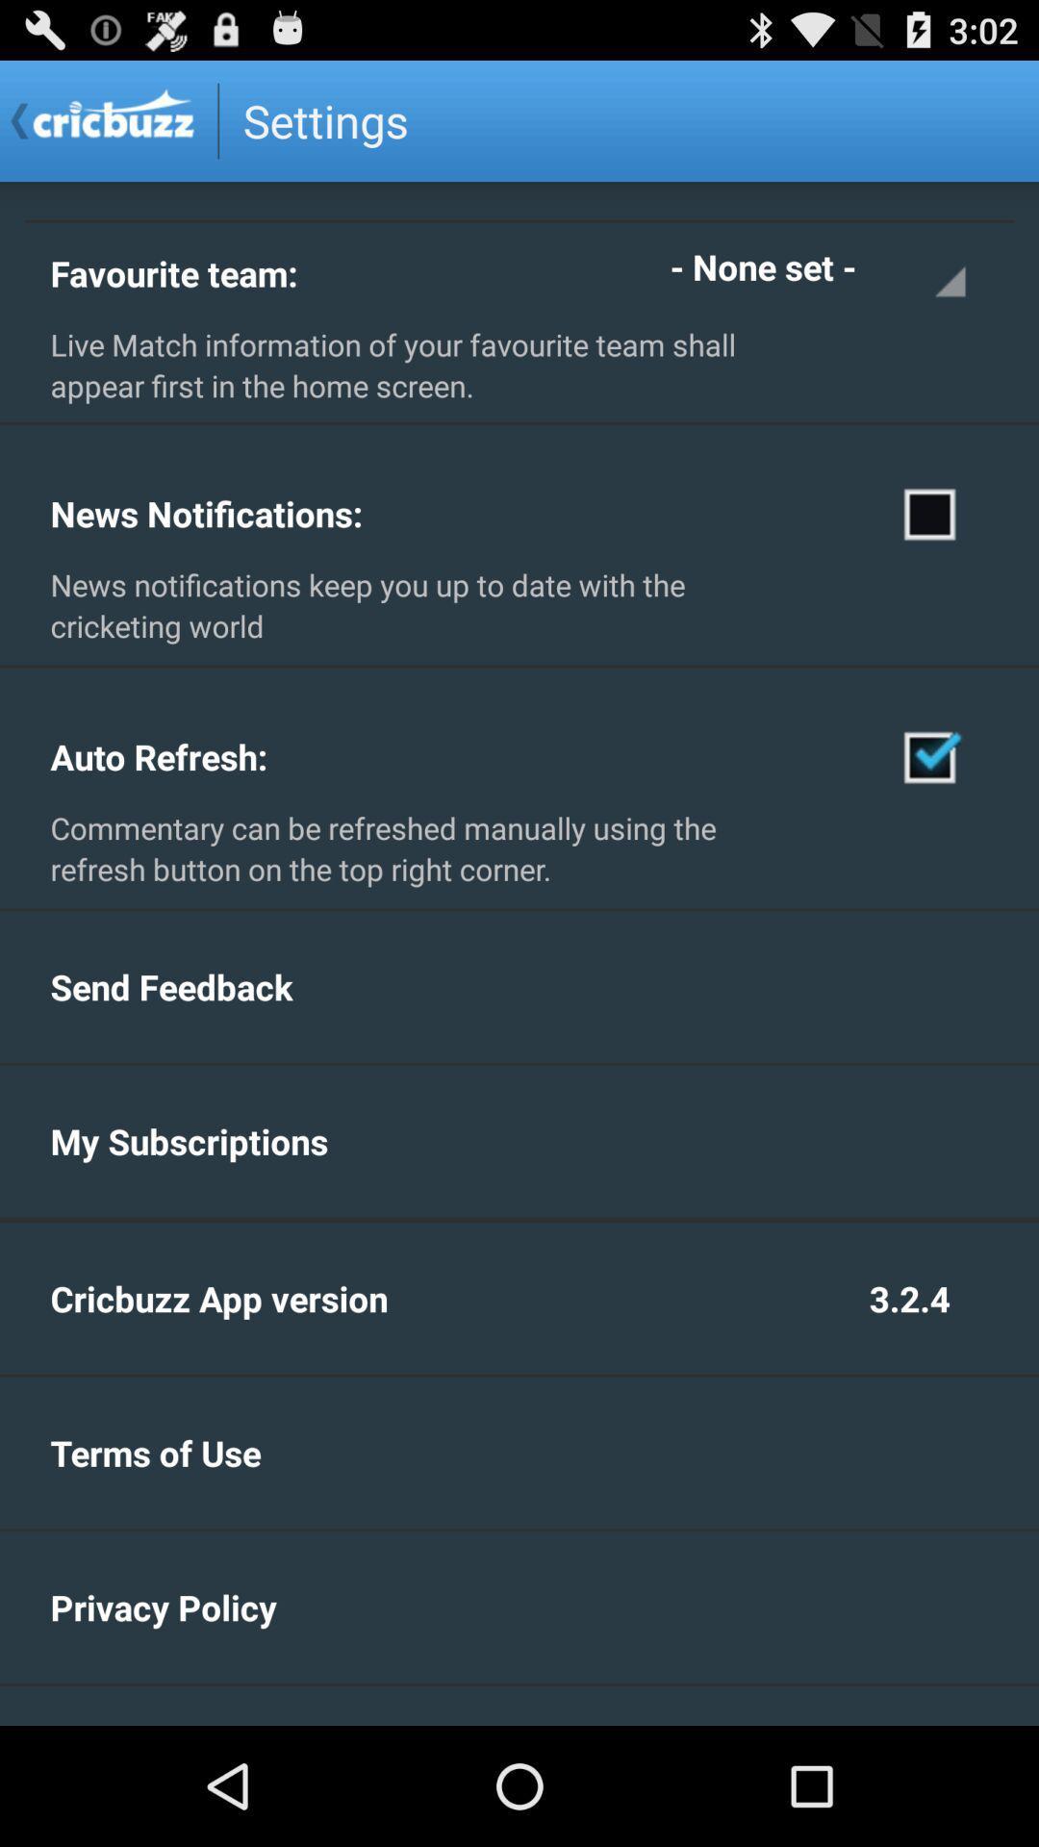 The height and width of the screenshot is (1847, 1039). Describe the element at coordinates (929, 513) in the screenshot. I see `get notifications` at that location.